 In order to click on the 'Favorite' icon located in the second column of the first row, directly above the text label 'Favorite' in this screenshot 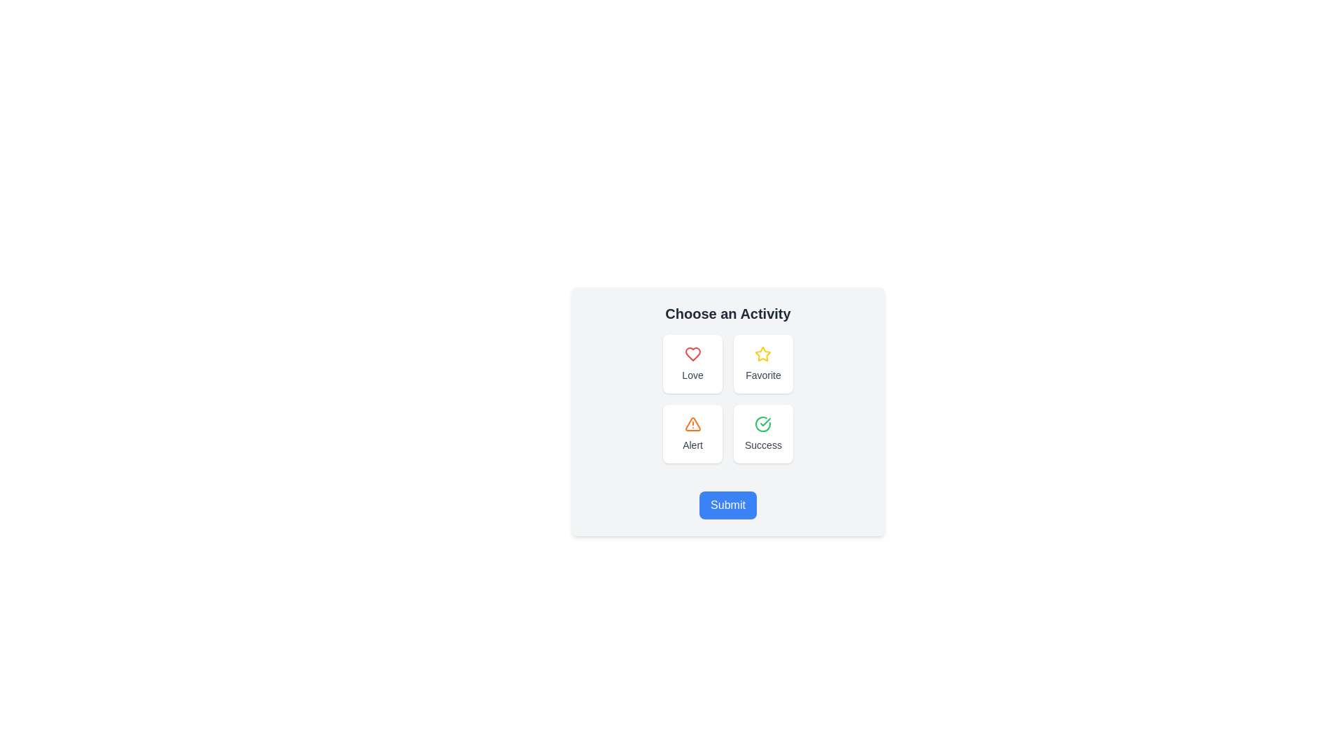, I will do `click(762, 353)`.